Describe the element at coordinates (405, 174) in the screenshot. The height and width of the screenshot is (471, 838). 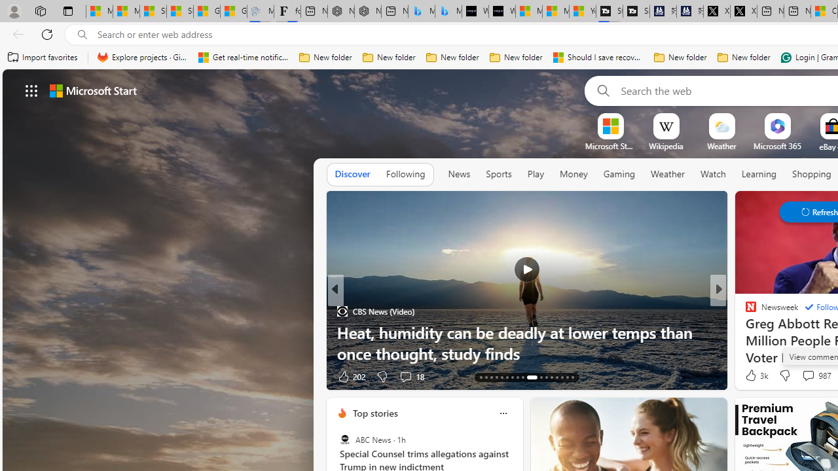
I see `'Following'` at that location.